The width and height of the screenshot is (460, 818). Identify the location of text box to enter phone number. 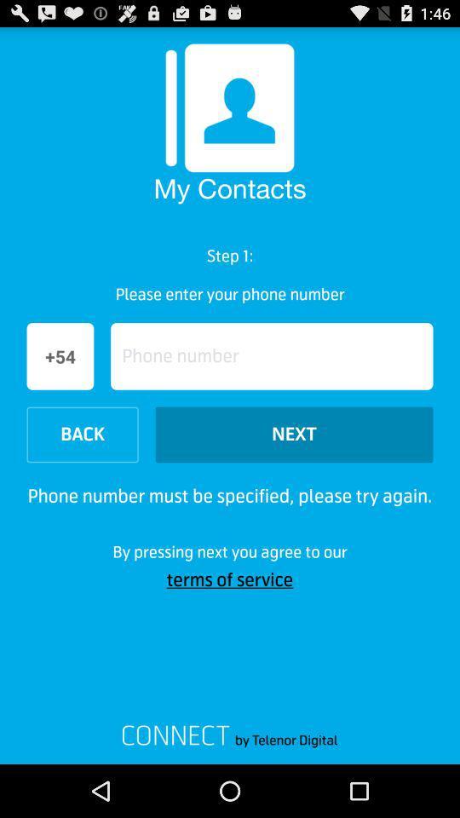
(272, 355).